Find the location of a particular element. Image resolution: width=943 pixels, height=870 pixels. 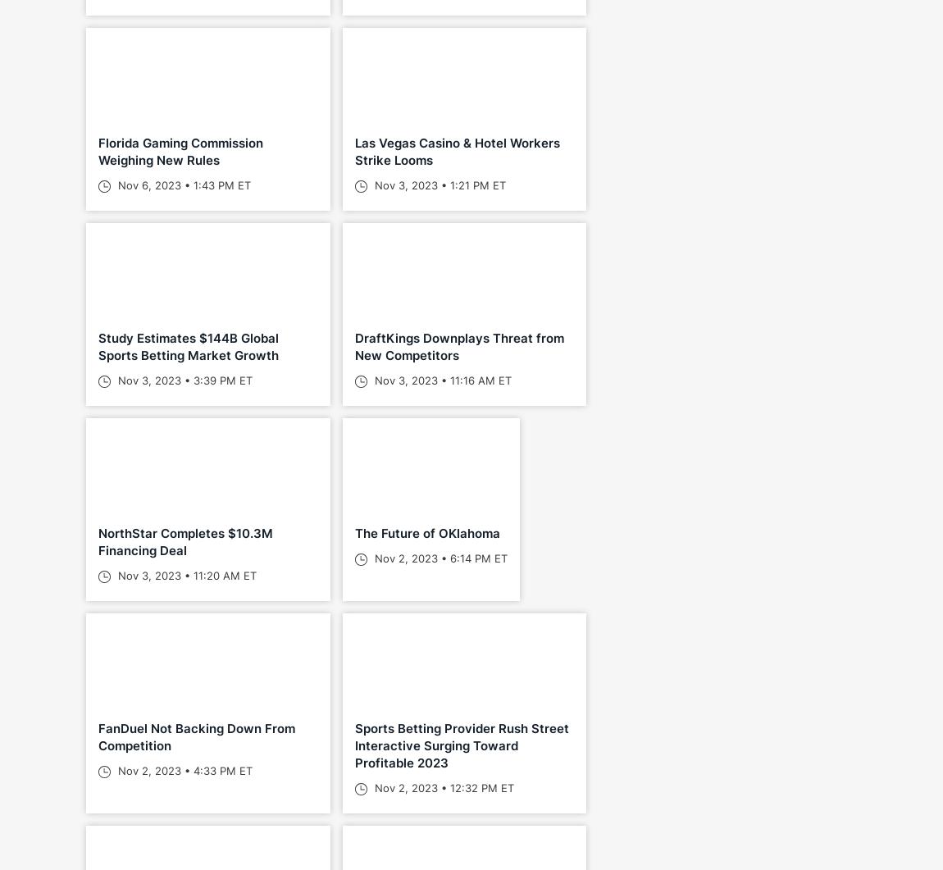

'DraftKings Downplays Threat from New Competitors' is located at coordinates (354, 347).